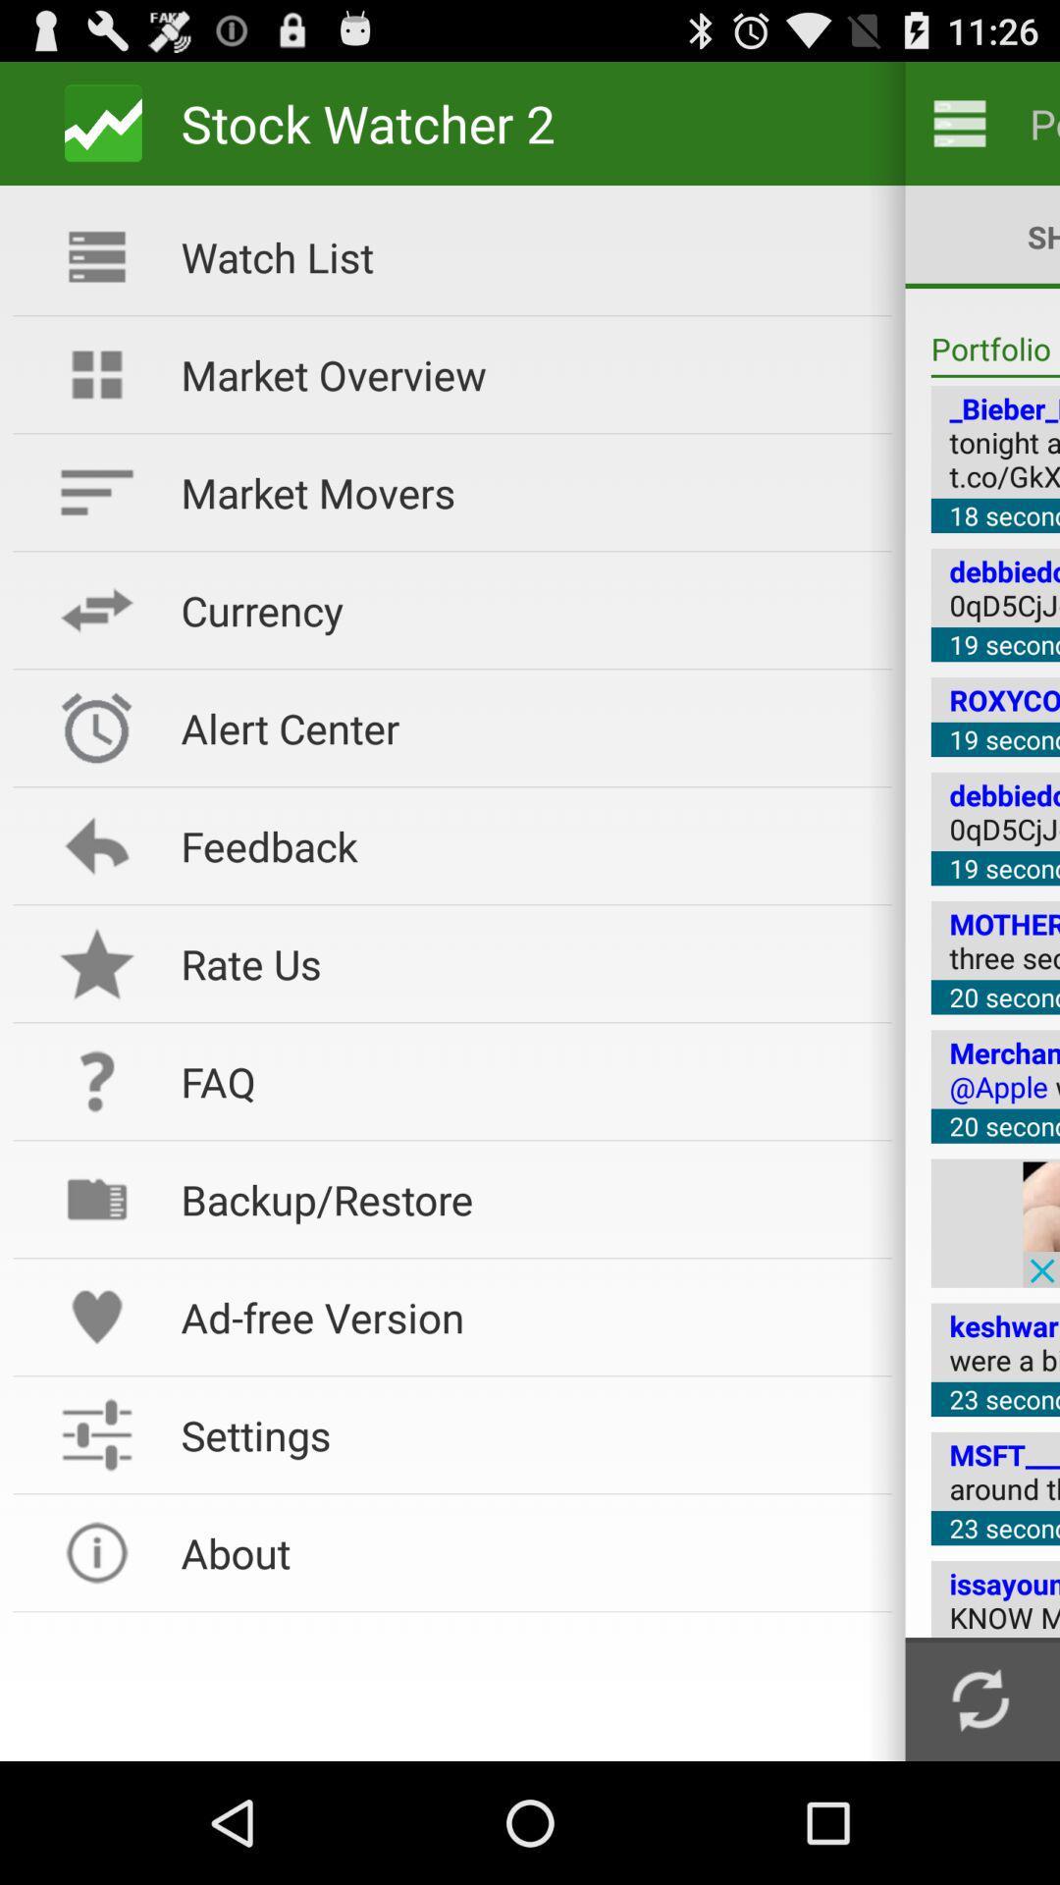  Describe the element at coordinates (1040, 1222) in the screenshot. I see `advertisements` at that location.